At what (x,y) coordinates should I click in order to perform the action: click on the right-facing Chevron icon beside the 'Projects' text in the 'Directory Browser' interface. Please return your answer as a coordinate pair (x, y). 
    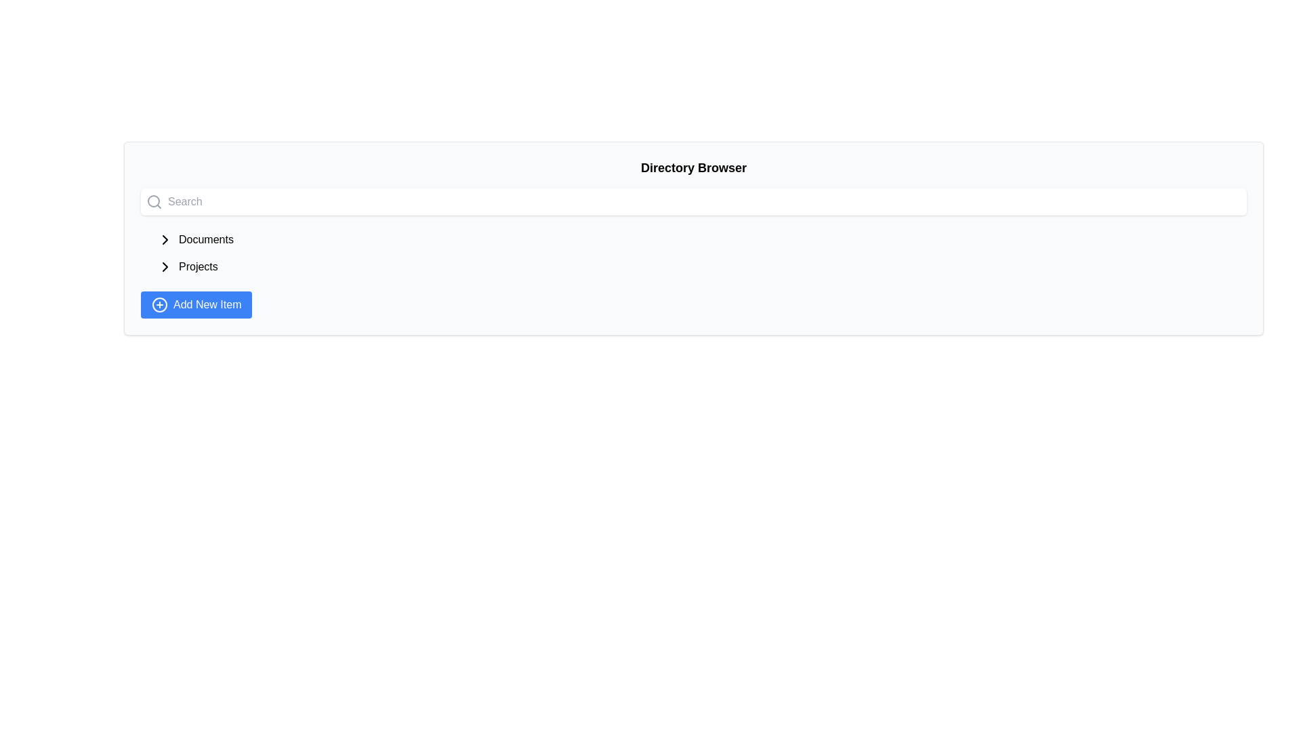
    Looking at the image, I should click on (165, 266).